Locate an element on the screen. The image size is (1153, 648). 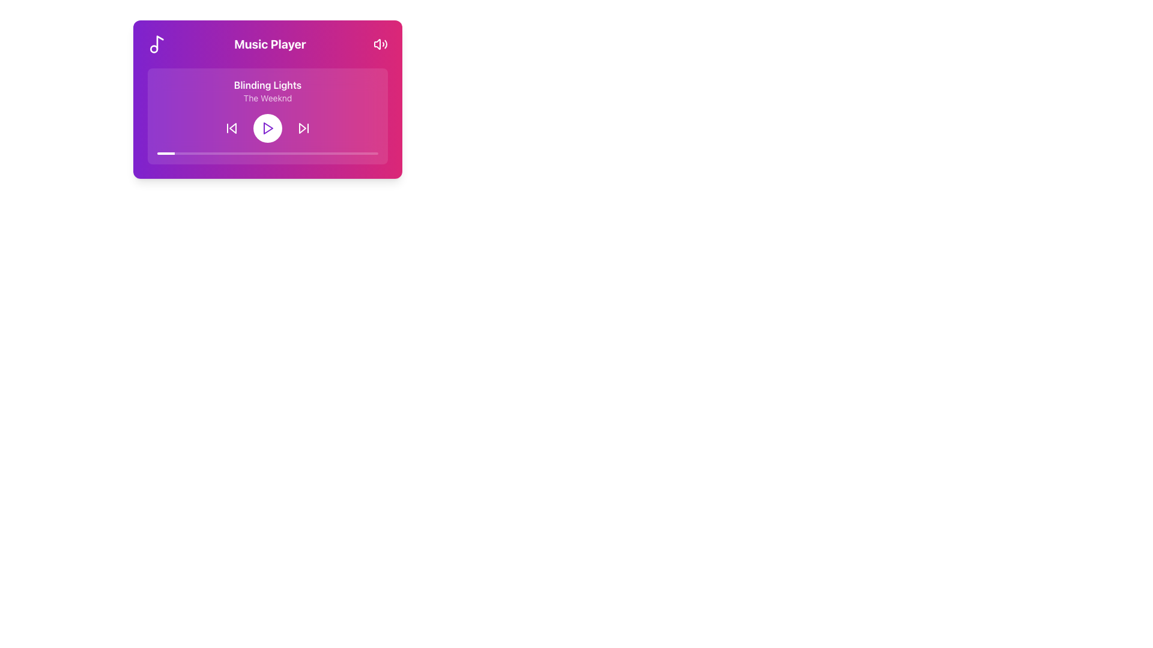
the small musical note icon located in the top-left corner of the 'Music Player' interface, adjacent to the title text 'Music Player' is located at coordinates (157, 43).